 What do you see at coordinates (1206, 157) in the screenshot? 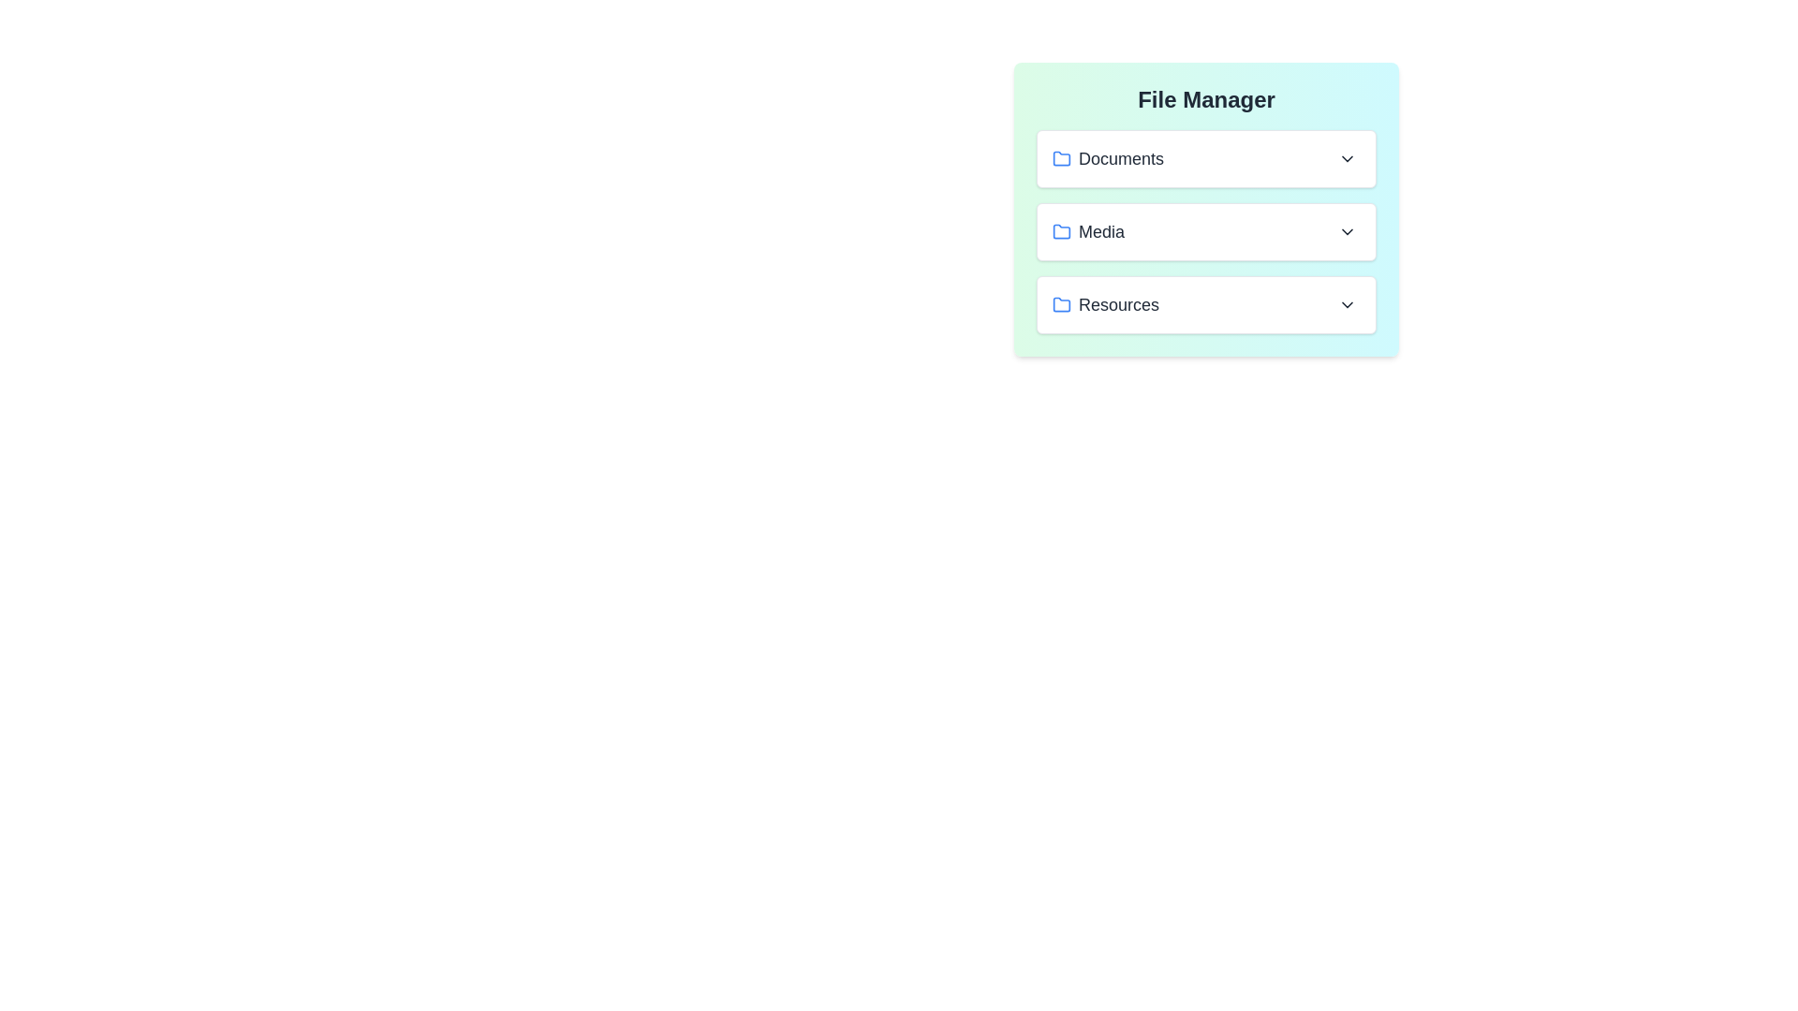
I see `the file Tutorial.pdf from the folder Documents` at bounding box center [1206, 157].